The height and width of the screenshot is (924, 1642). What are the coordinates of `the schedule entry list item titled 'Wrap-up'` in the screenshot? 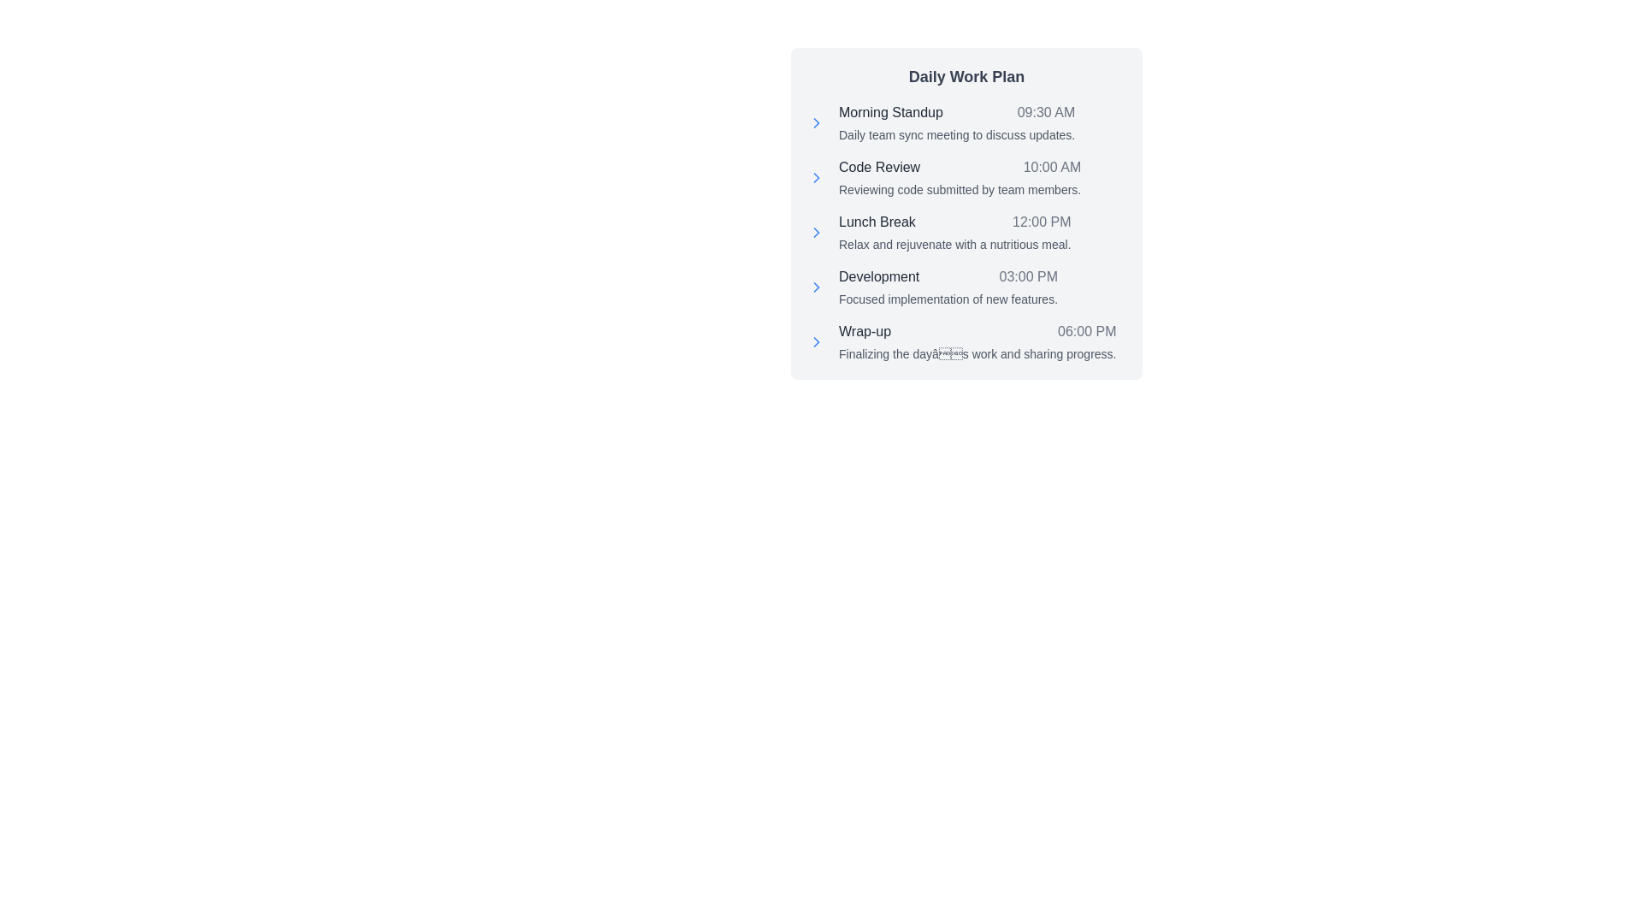 It's located at (978, 342).